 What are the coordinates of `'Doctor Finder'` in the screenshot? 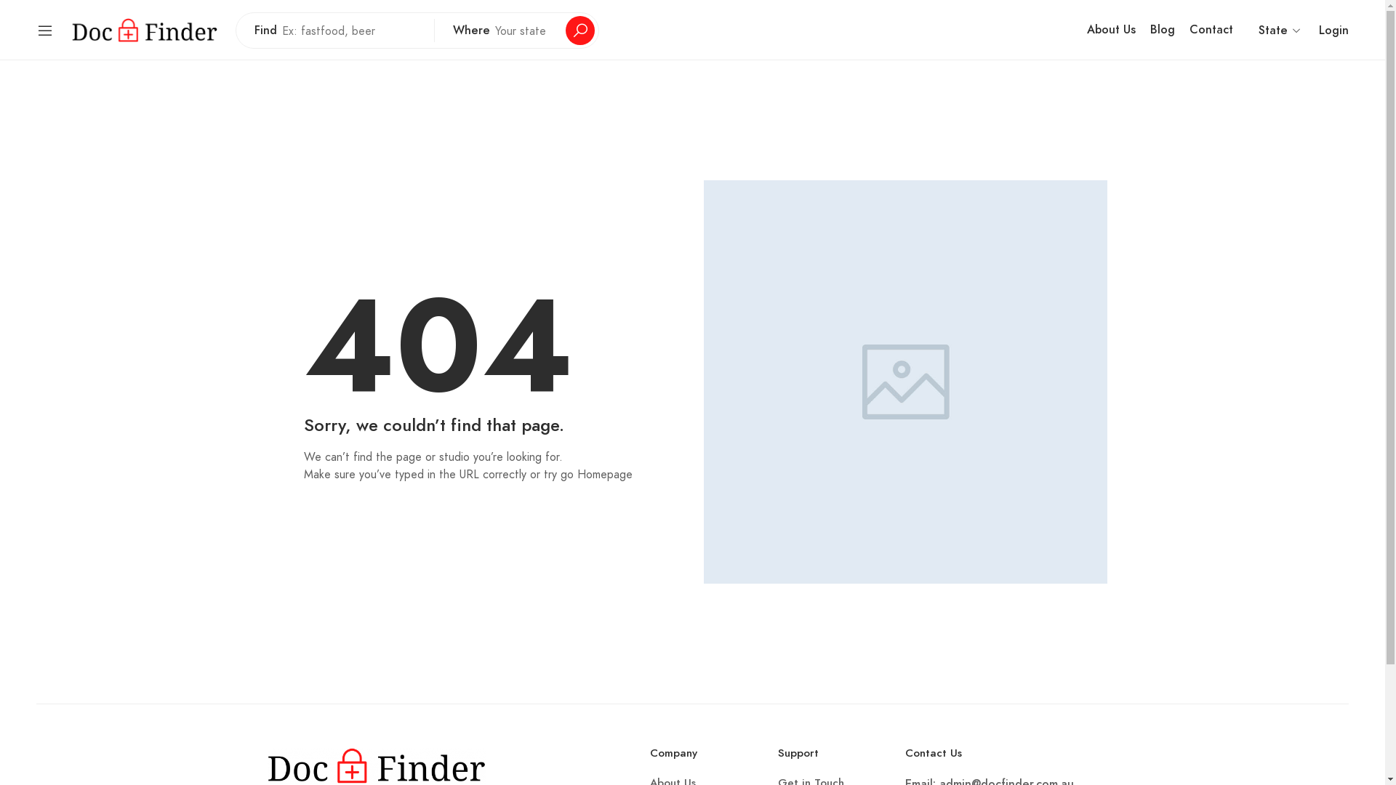 It's located at (144, 28).